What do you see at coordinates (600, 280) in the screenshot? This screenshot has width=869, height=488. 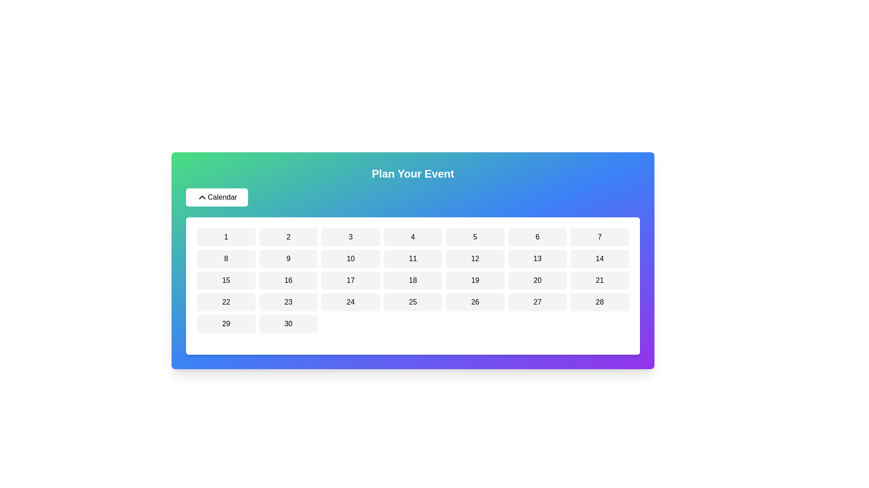 I see `the button representing a selectable item in the fifth row and third column of the date picker grid` at bounding box center [600, 280].